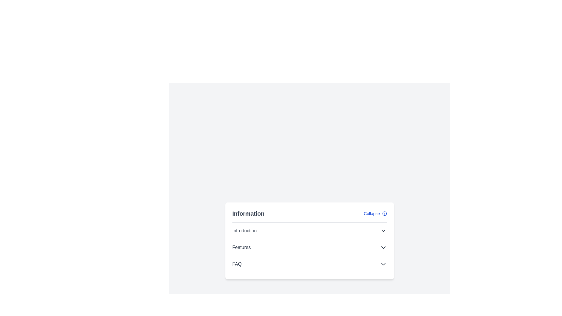 This screenshot has height=316, width=562. What do you see at coordinates (309, 264) in the screenshot?
I see `the toggle or collapsible list item for the 'FAQ' section located at the bottom of the 'Information' panel` at bounding box center [309, 264].